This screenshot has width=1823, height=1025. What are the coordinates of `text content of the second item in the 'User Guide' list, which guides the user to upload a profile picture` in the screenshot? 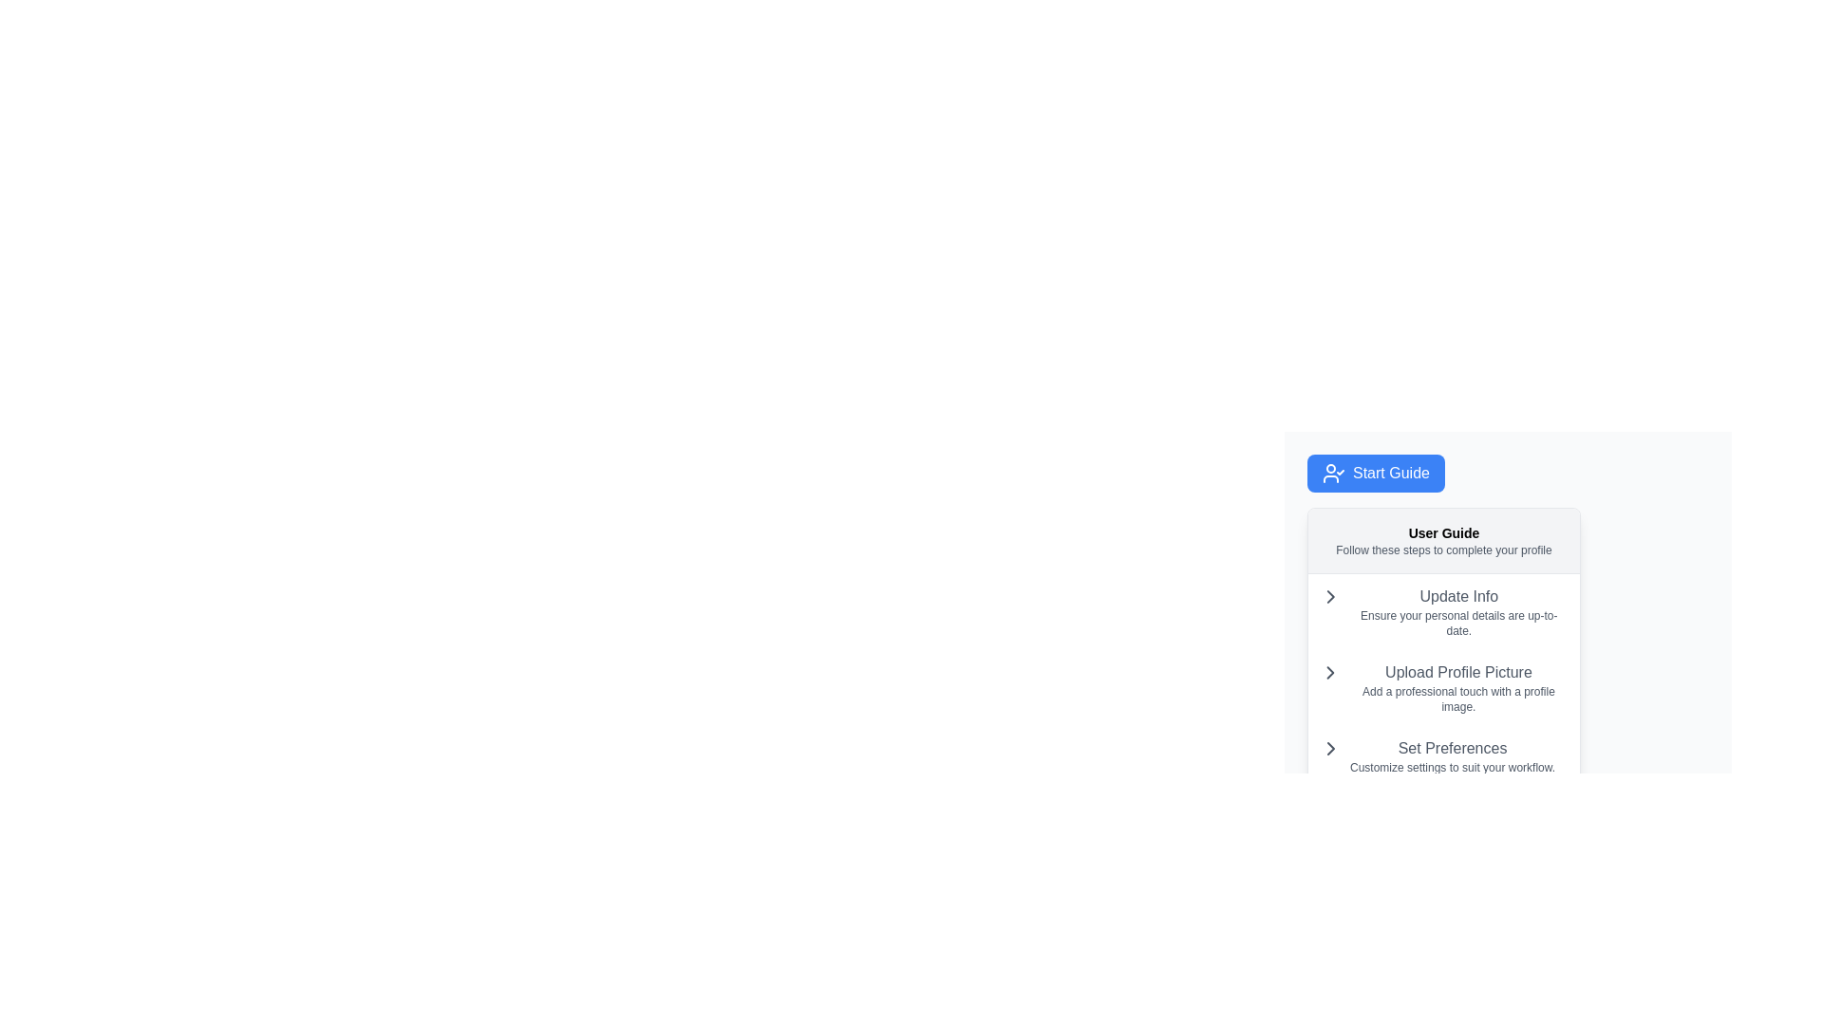 It's located at (1443, 680).